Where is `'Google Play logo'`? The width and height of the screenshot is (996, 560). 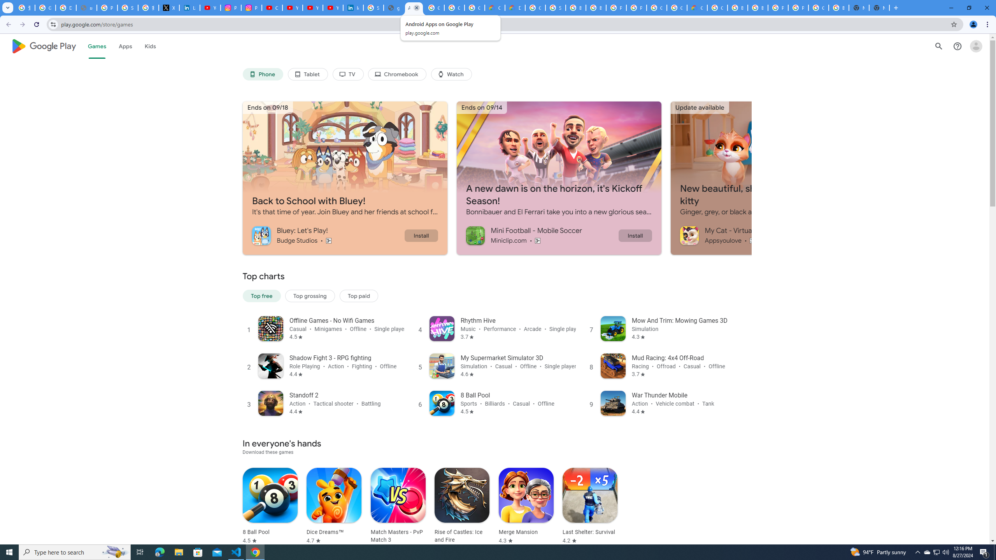
'Google Play logo' is located at coordinates (43, 46).